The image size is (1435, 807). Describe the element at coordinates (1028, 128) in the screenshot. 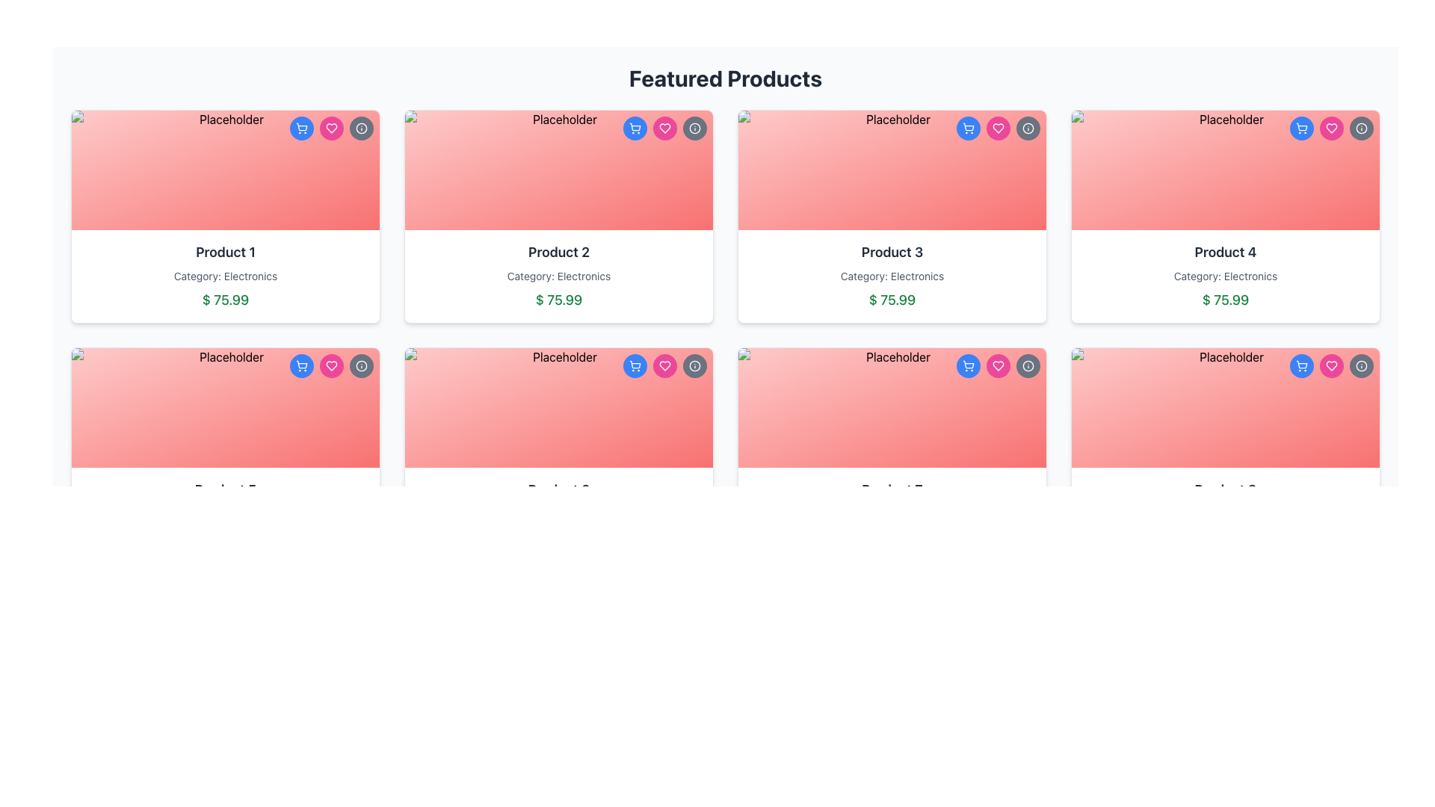

I see `the circular gray button with a white info icon located in the top-right corner of the third product card` at that location.